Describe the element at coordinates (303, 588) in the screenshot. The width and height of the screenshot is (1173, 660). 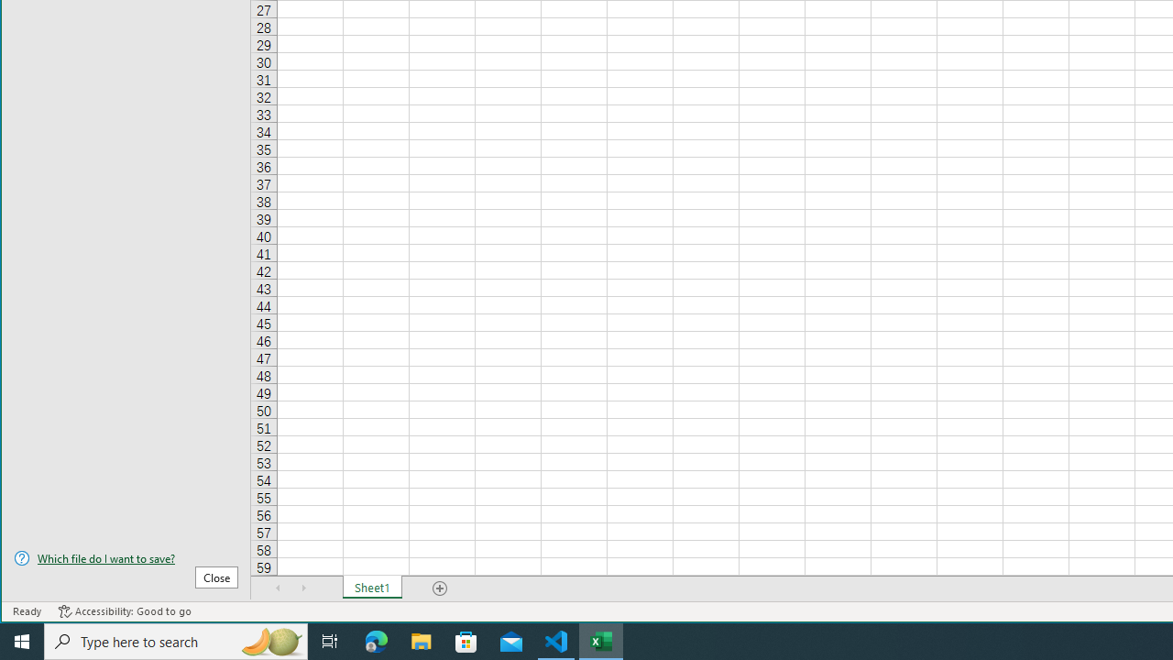
I see `'Scroll Right'` at that location.